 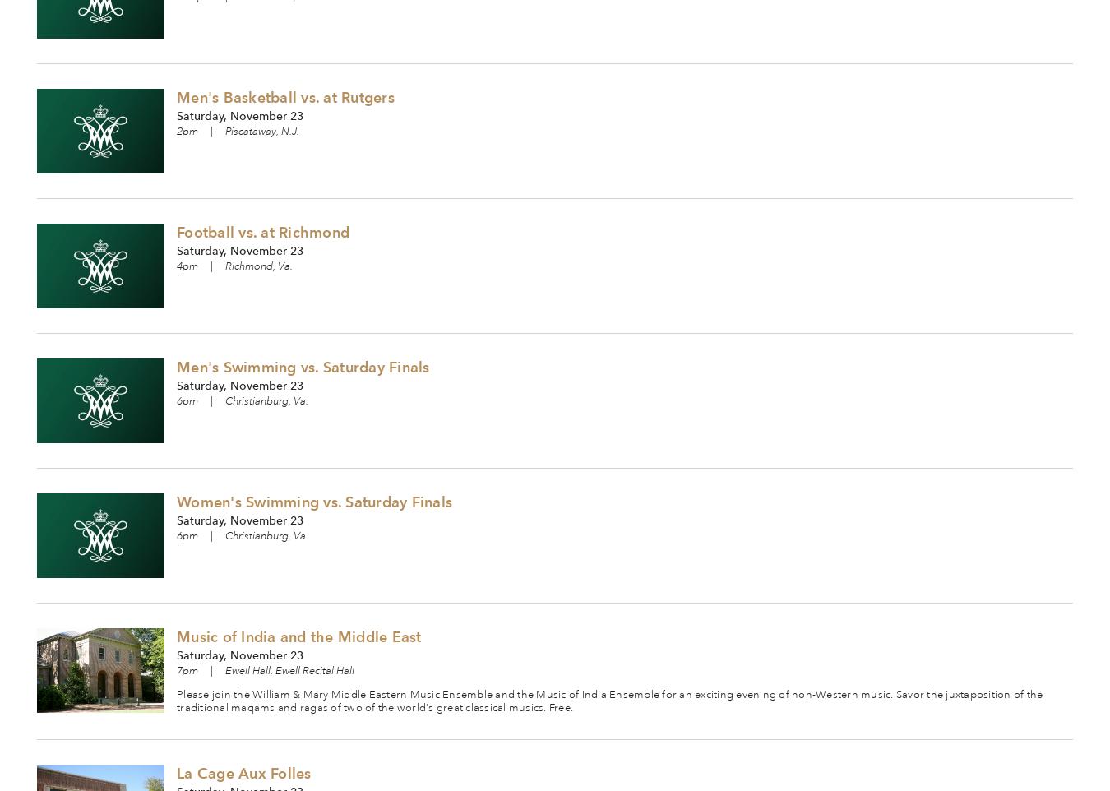 What do you see at coordinates (303, 367) in the screenshot?
I see `'Men's Swimming vs. Saturday Finals'` at bounding box center [303, 367].